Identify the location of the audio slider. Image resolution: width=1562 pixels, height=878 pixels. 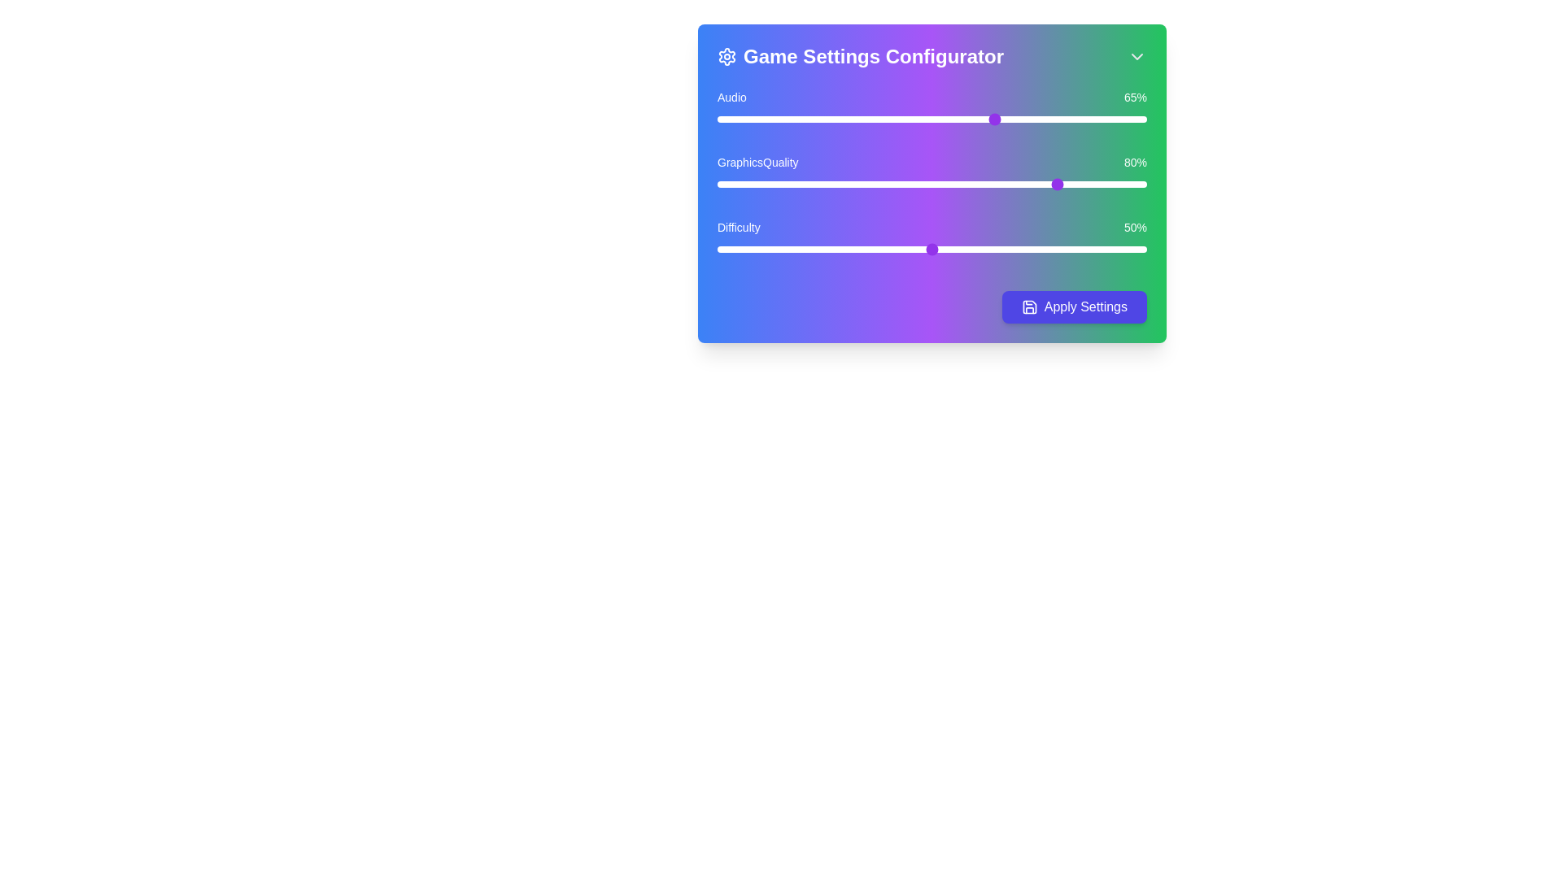
(1124, 118).